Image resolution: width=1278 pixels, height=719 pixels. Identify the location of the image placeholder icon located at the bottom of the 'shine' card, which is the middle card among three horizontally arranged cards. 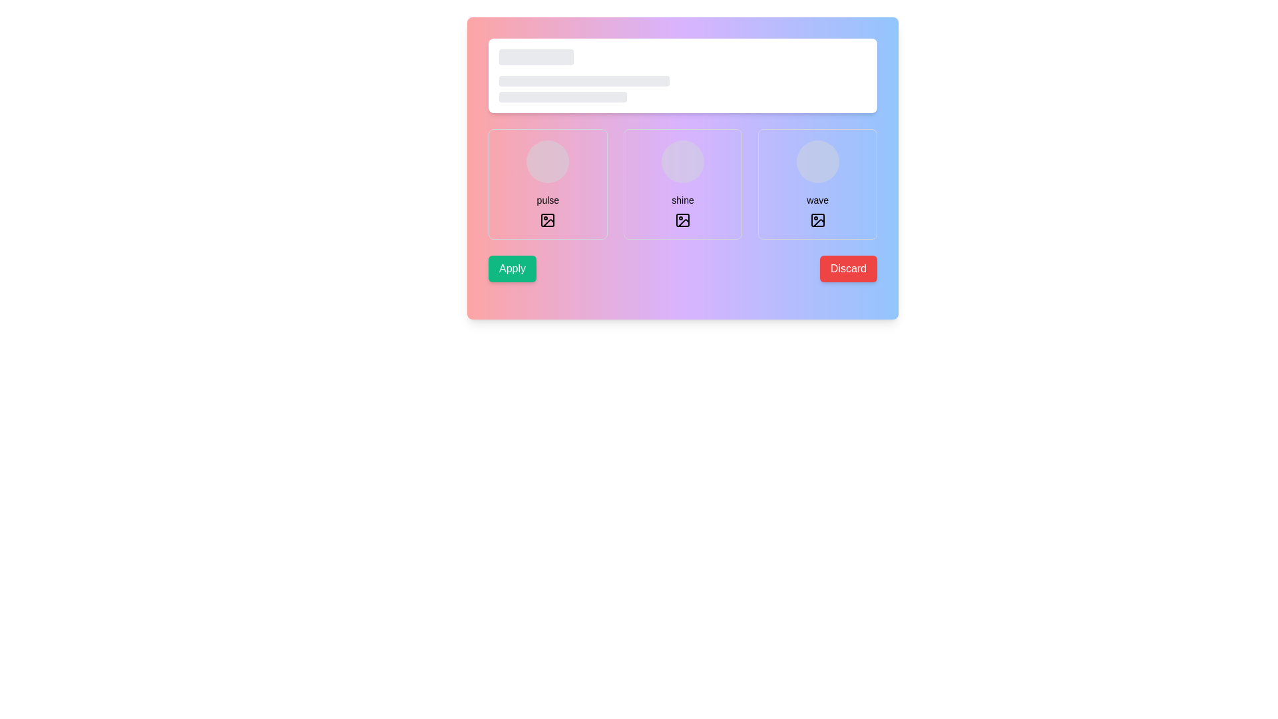
(683, 220).